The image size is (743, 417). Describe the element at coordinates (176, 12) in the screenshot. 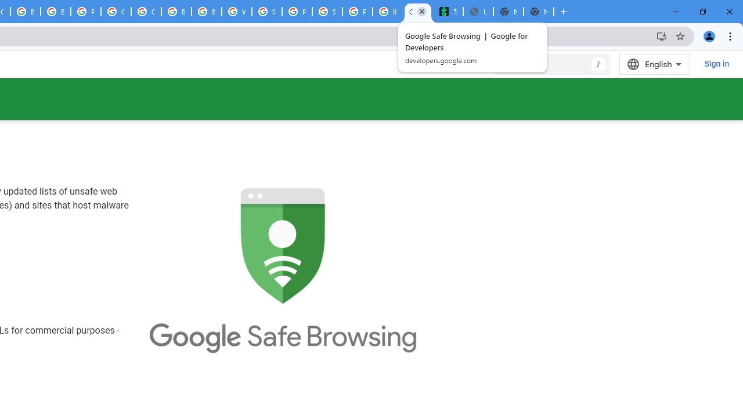

I see `'Browse Chrome as a guest - Computer - Google Chrome Help'` at that location.